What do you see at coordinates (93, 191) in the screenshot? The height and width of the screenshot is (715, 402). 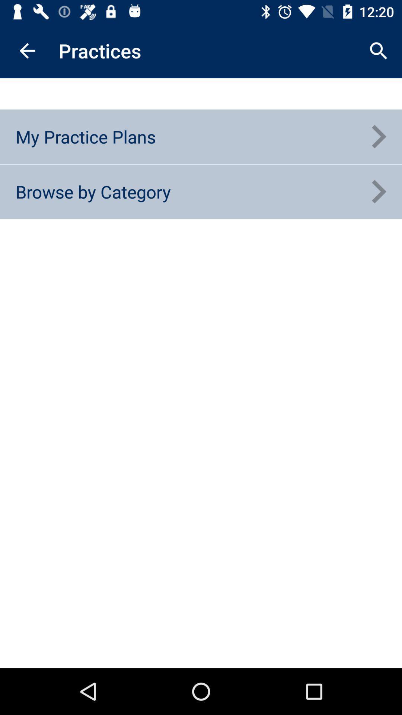 I see `browse by category item` at bounding box center [93, 191].